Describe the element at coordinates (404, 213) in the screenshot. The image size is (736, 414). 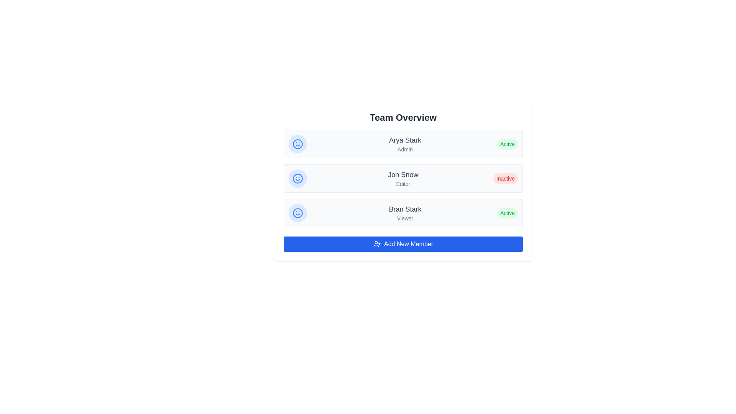
I see `the text display element that shows 'Bran Stark' and their designation 'Viewer', located in the third card of a vertical list` at that location.